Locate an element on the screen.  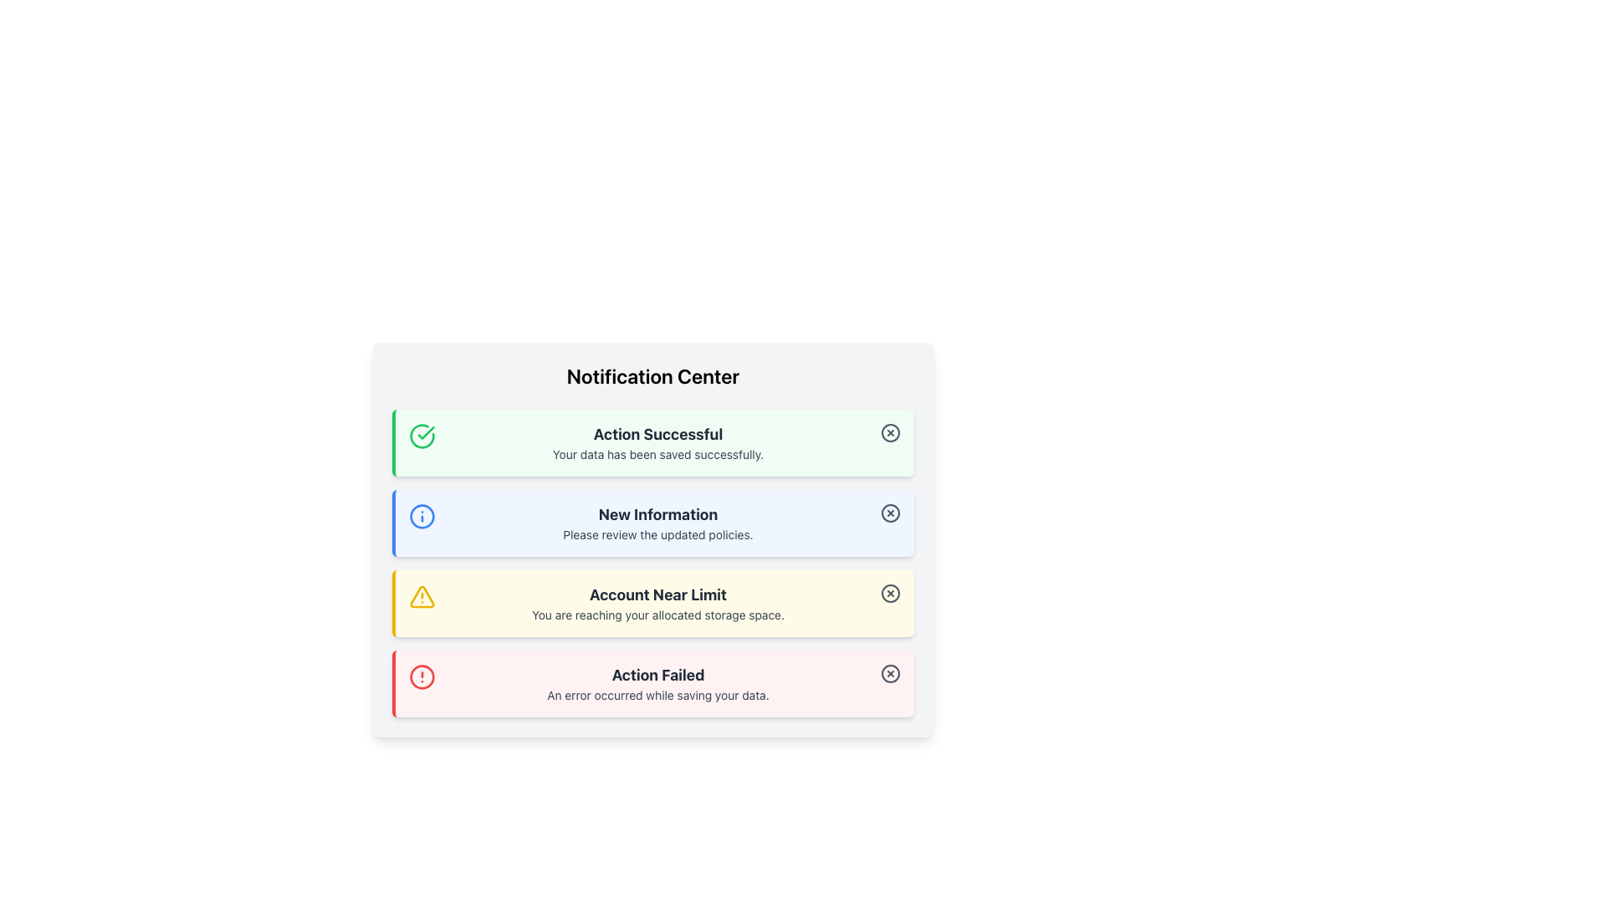
the critical alert graphic icon located inside the bottommost red-themed alert box titled 'Action Failed' is located at coordinates (422, 677).